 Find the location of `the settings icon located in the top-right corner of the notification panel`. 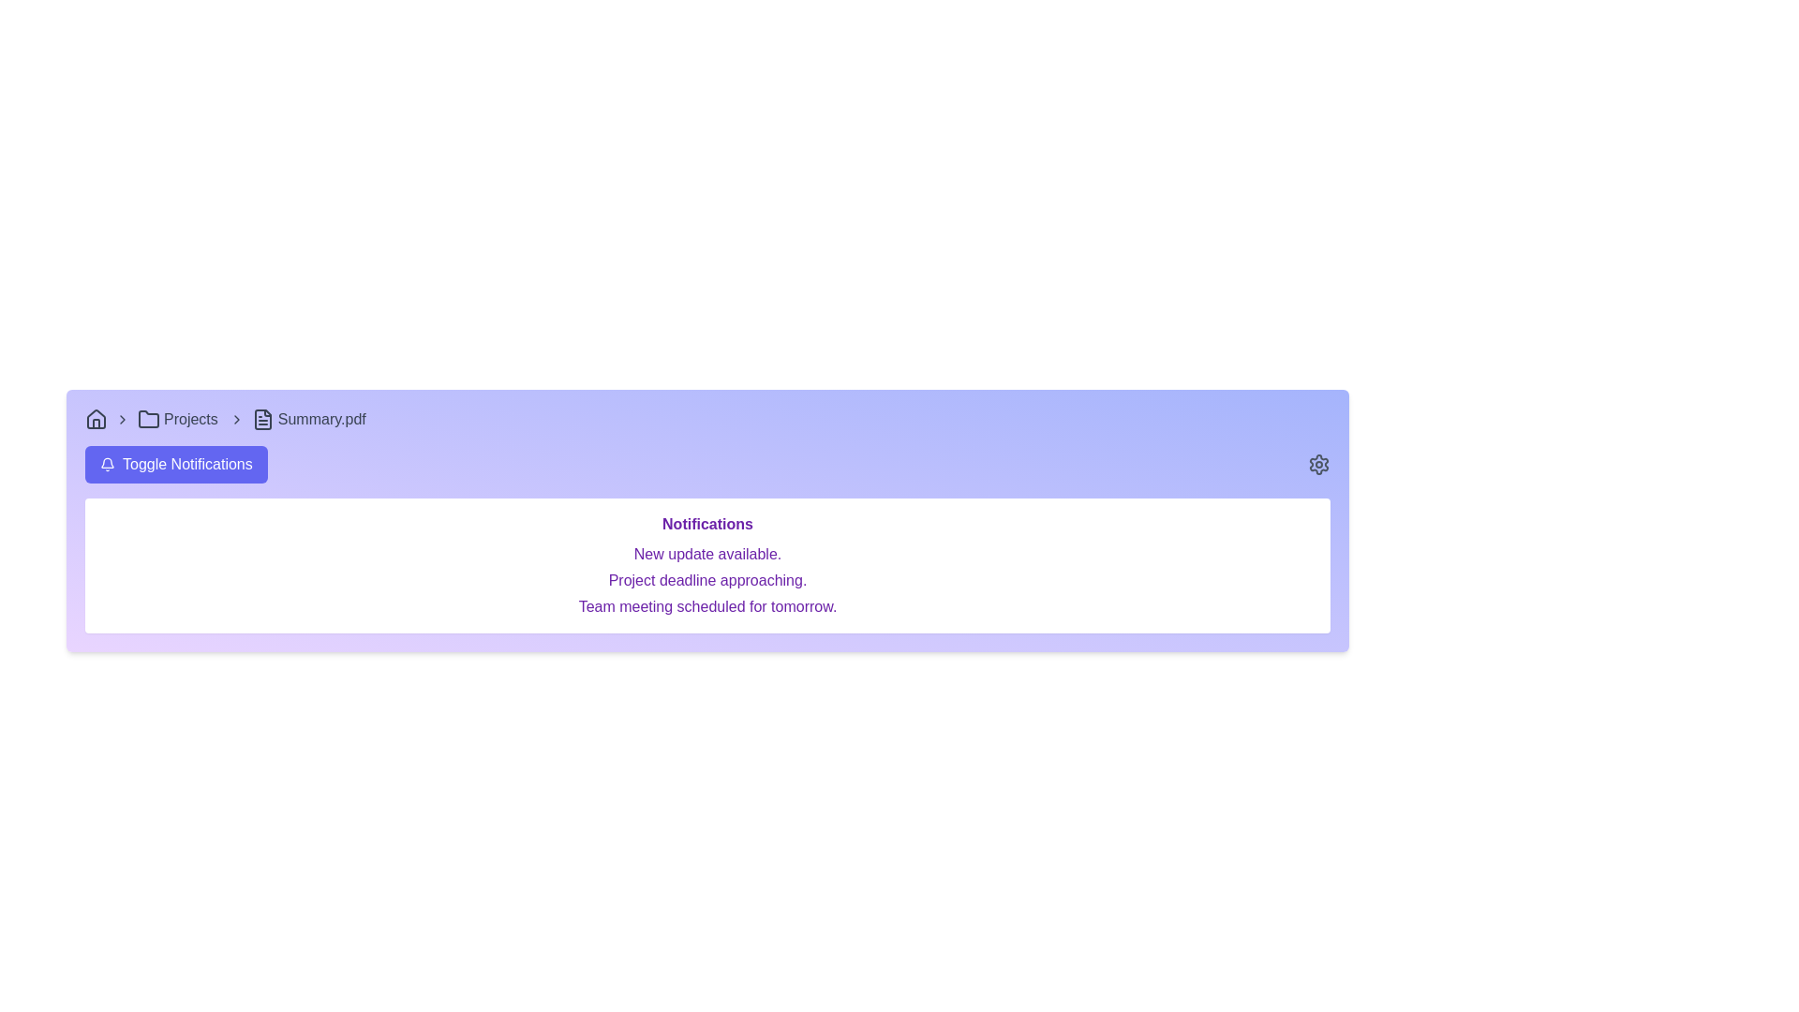

the settings icon located in the top-right corner of the notification panel is located at coordinates (1317, 464).